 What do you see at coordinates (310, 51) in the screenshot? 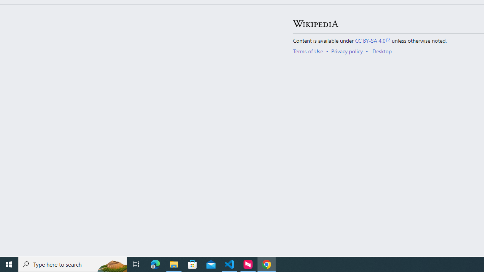
I see `'AutomationID: footer-places-terms-use'` at bounding box center [310, 51].